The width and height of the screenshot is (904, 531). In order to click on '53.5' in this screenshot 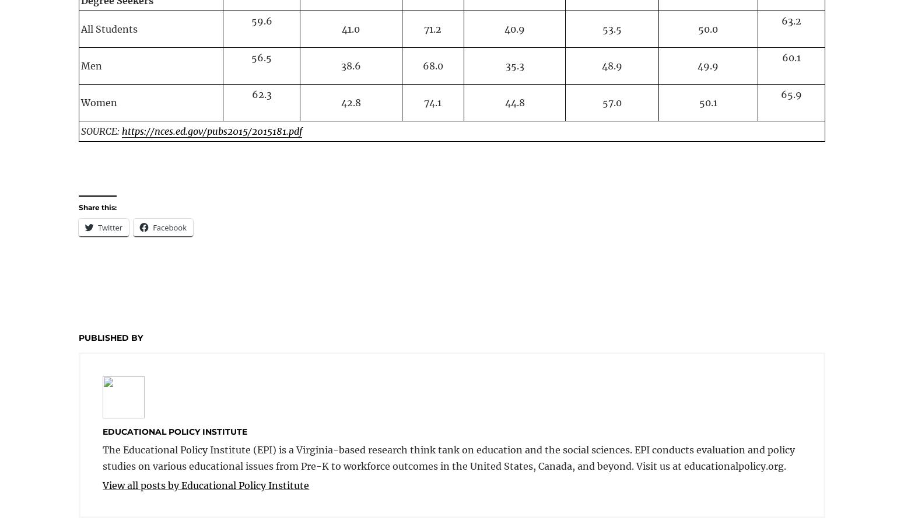, I will do `click(612, 28)`.